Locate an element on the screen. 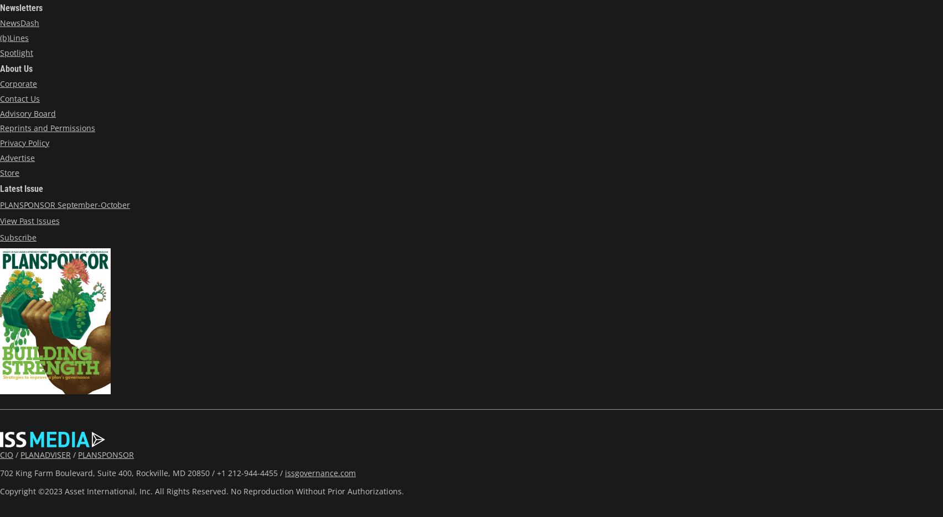  'Newsletters' is located at coordinates (21, 7).